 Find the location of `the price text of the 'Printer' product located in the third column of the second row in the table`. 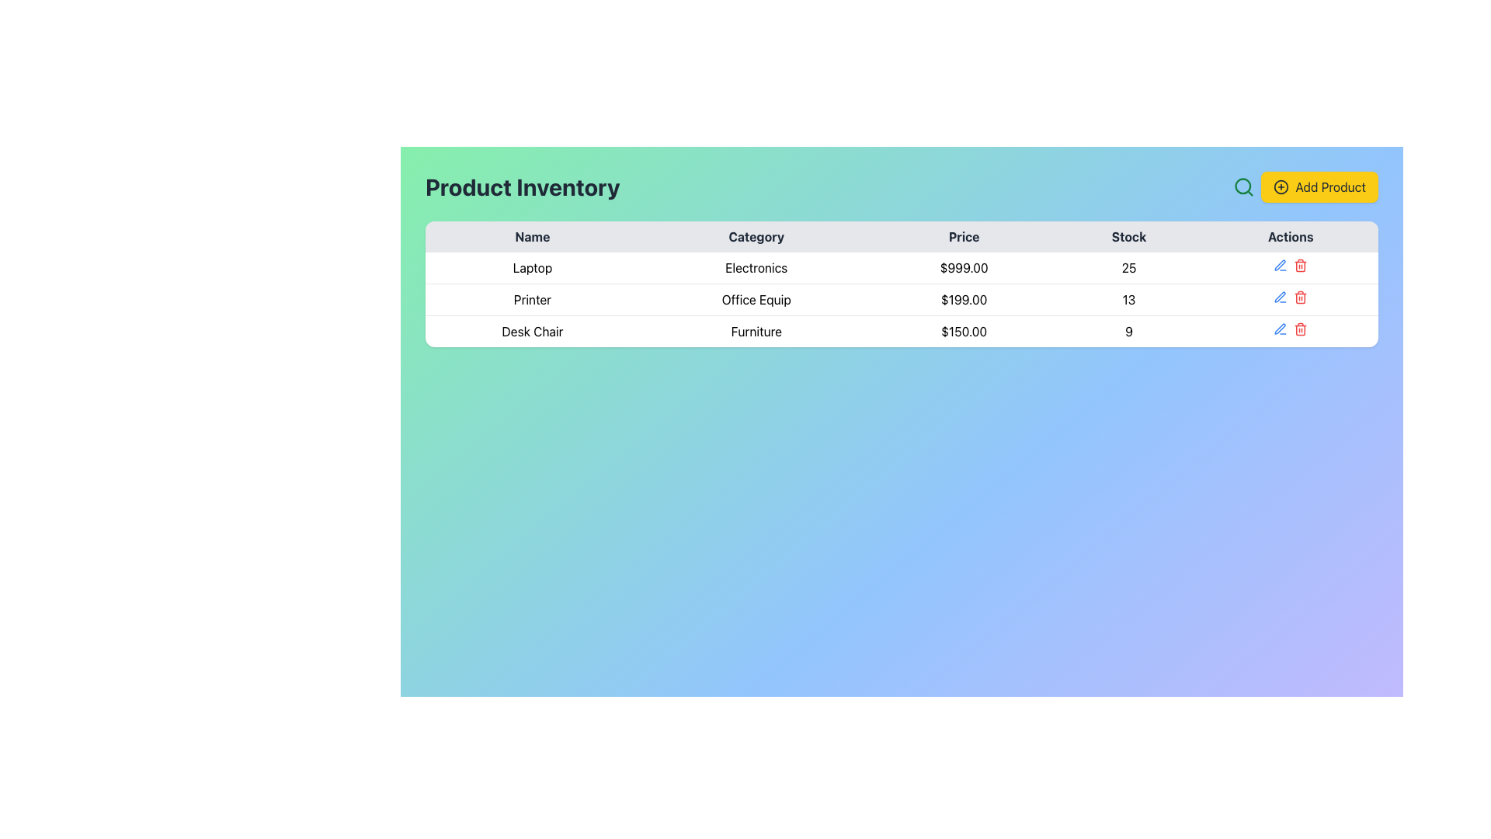

the price text of the 'Printer' product located in the third column of the second row in the table is located at coordinates (963, 299).